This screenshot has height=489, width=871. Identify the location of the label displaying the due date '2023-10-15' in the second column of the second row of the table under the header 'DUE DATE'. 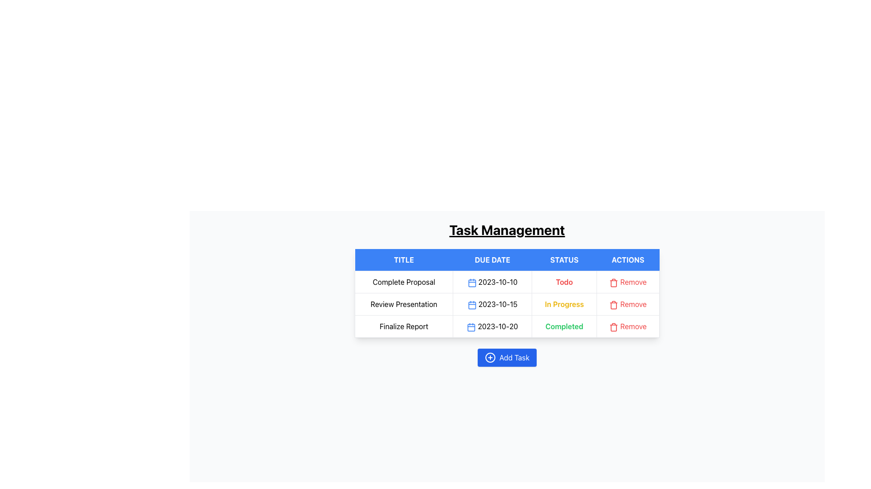
(492, 304).